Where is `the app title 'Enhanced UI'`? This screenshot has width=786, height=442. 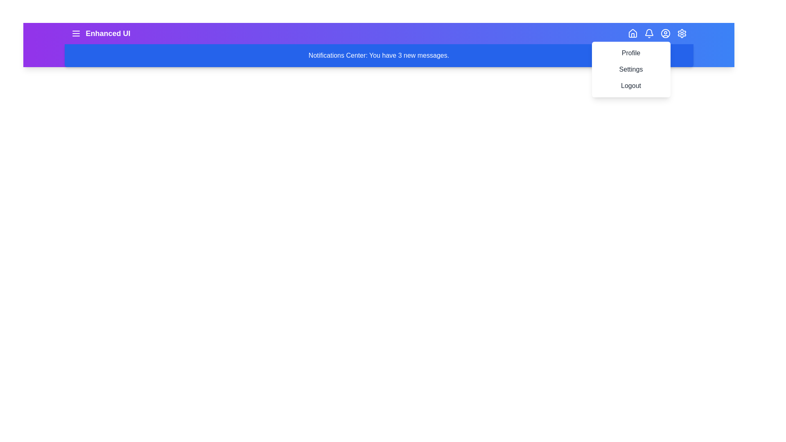 the app title 'Enhanced UI' is located at coordinates (108, 33).